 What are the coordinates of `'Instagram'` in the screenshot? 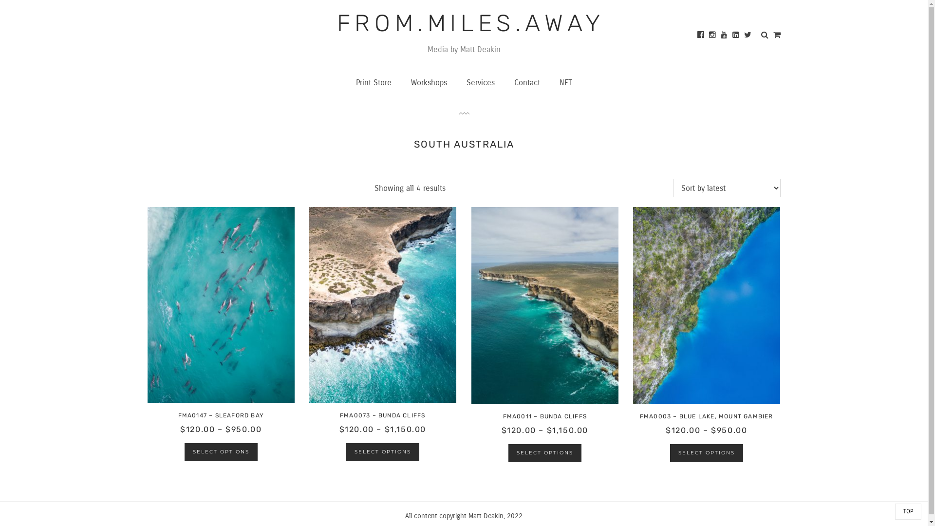 It's located at (709, 33).